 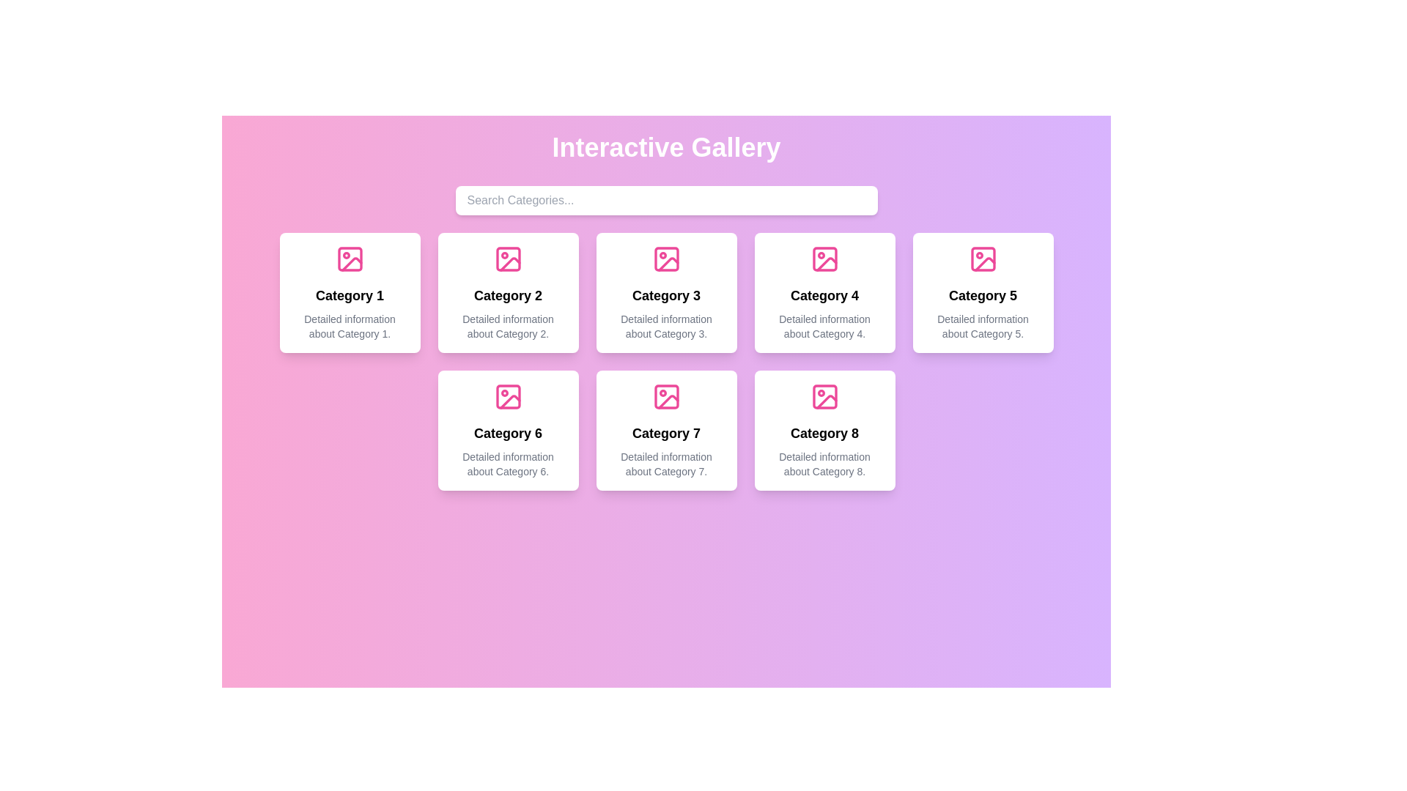 What do you see at coordinates (665, 259) in the screenshot?
I see `the decorative icon representing the 'Category 3' card, which is positioned at the top-center of the card above the title and description text` at bounding box center [665, 259].